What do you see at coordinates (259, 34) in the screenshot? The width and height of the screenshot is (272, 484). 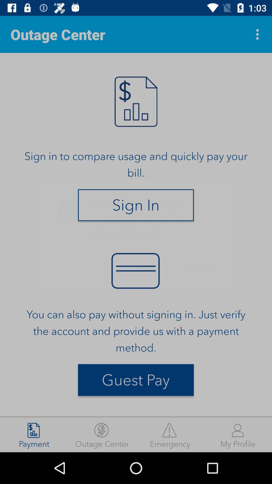 I see `the icon next to the outage center item` at bounding box center [259, 34].